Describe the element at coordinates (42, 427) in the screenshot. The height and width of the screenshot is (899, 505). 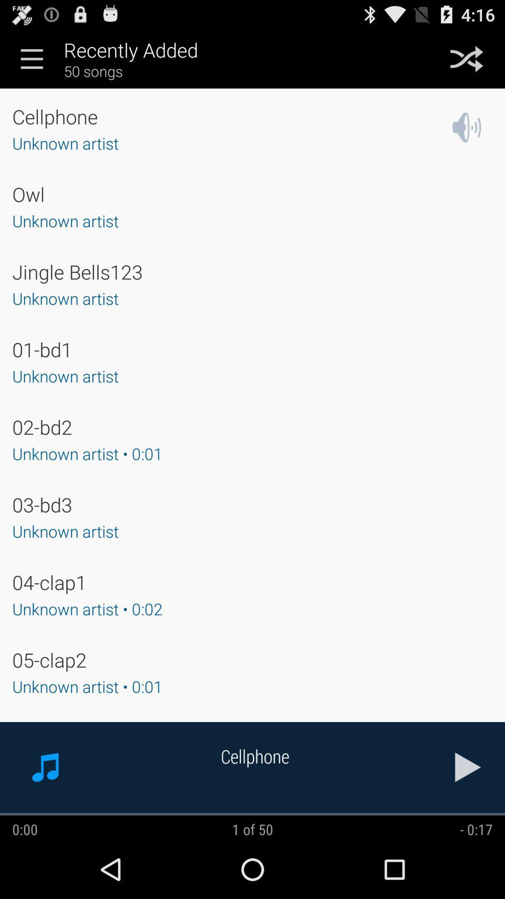
I see `02-bd2 app` at that location.